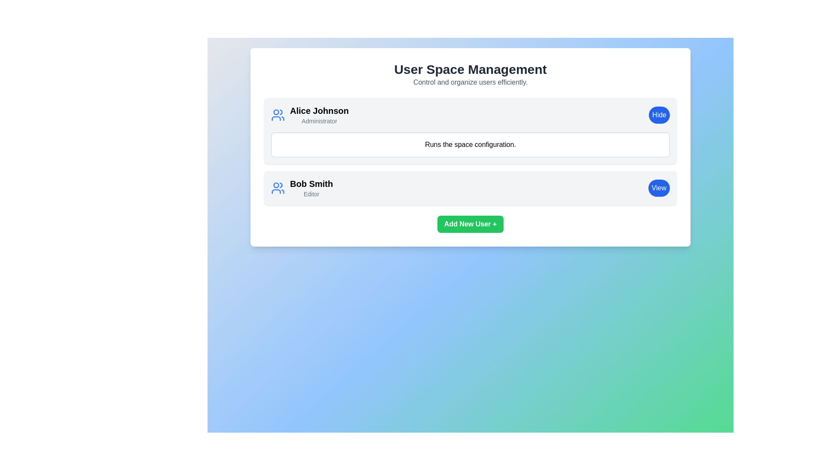 This screenshot has width=825, height=464. What do you see at coordinates (311, 188) in the screenshot?
I see `the text label displaying 'Bob Smith' and 'Editor', which is located in the lower user card beneath 'Alice Johnson'` at bounding box center [311, 188].